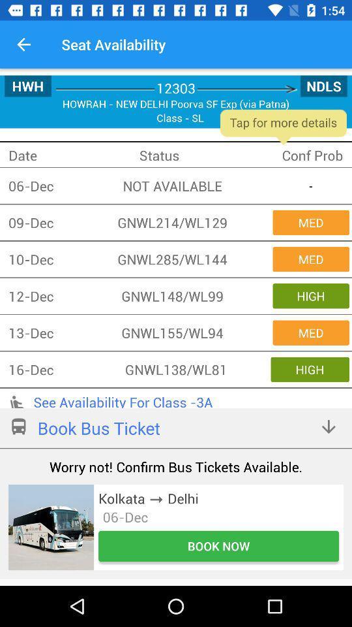 This screenshot has width=352, height=627. What do you see at coordinates (218, 546) in the screenshot?
I see `book now item` at bounding box center [218, 546].